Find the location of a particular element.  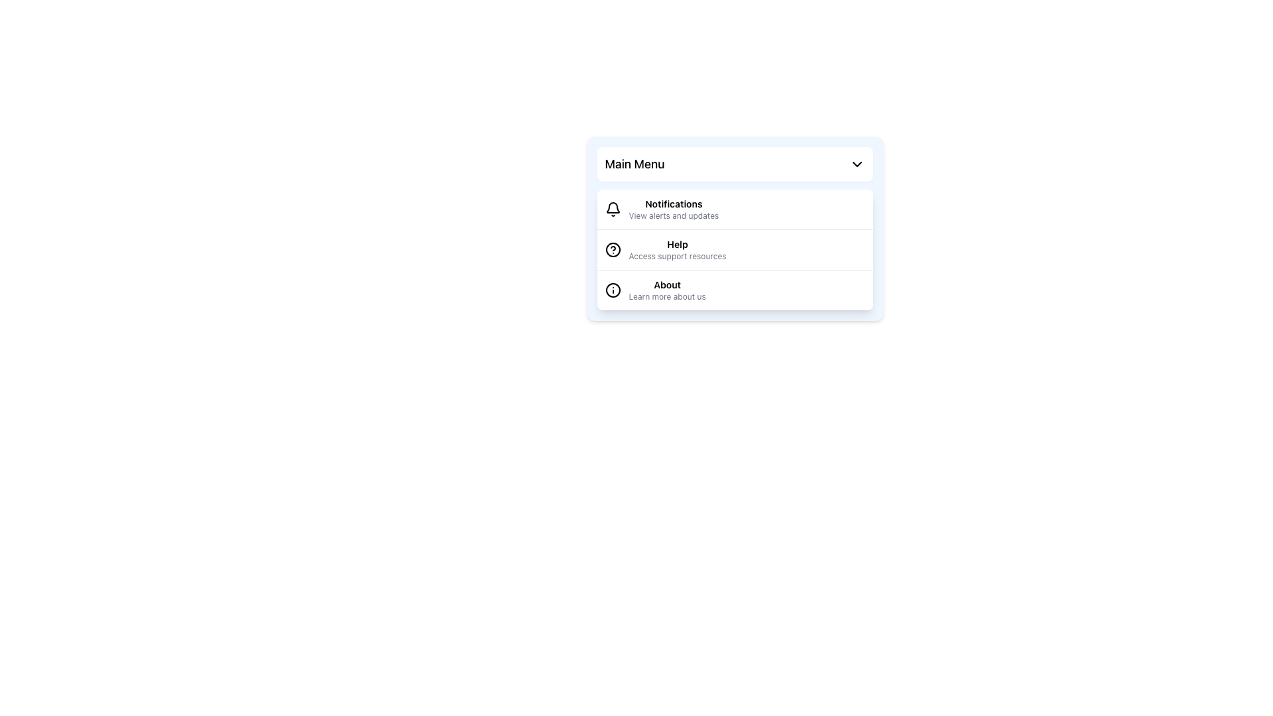

the gray text label displaying 'View alerts and updates' located beneath the 'Notifications' title in the dropdown menu is located at coordinates (674, 215).